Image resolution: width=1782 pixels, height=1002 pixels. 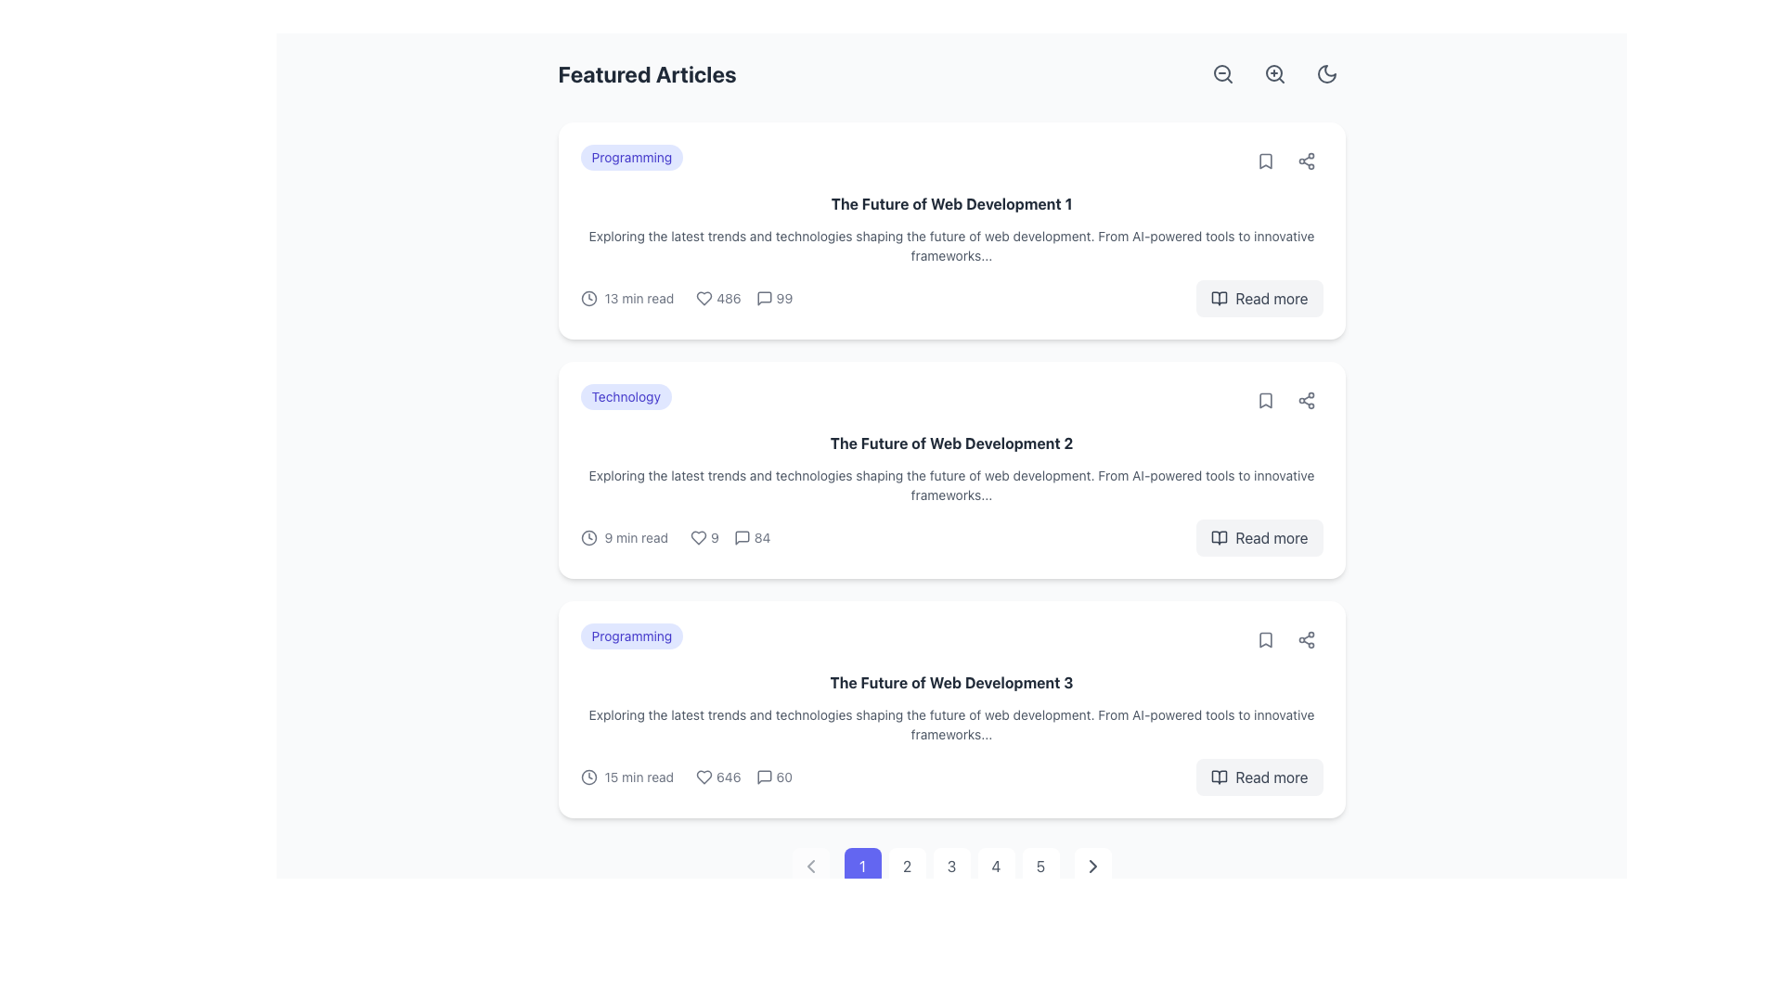 I want to click on the main circular component of the zoom-out icon by clicking on it to activate the zoom-out functionality, so click(x=1221, y=71).